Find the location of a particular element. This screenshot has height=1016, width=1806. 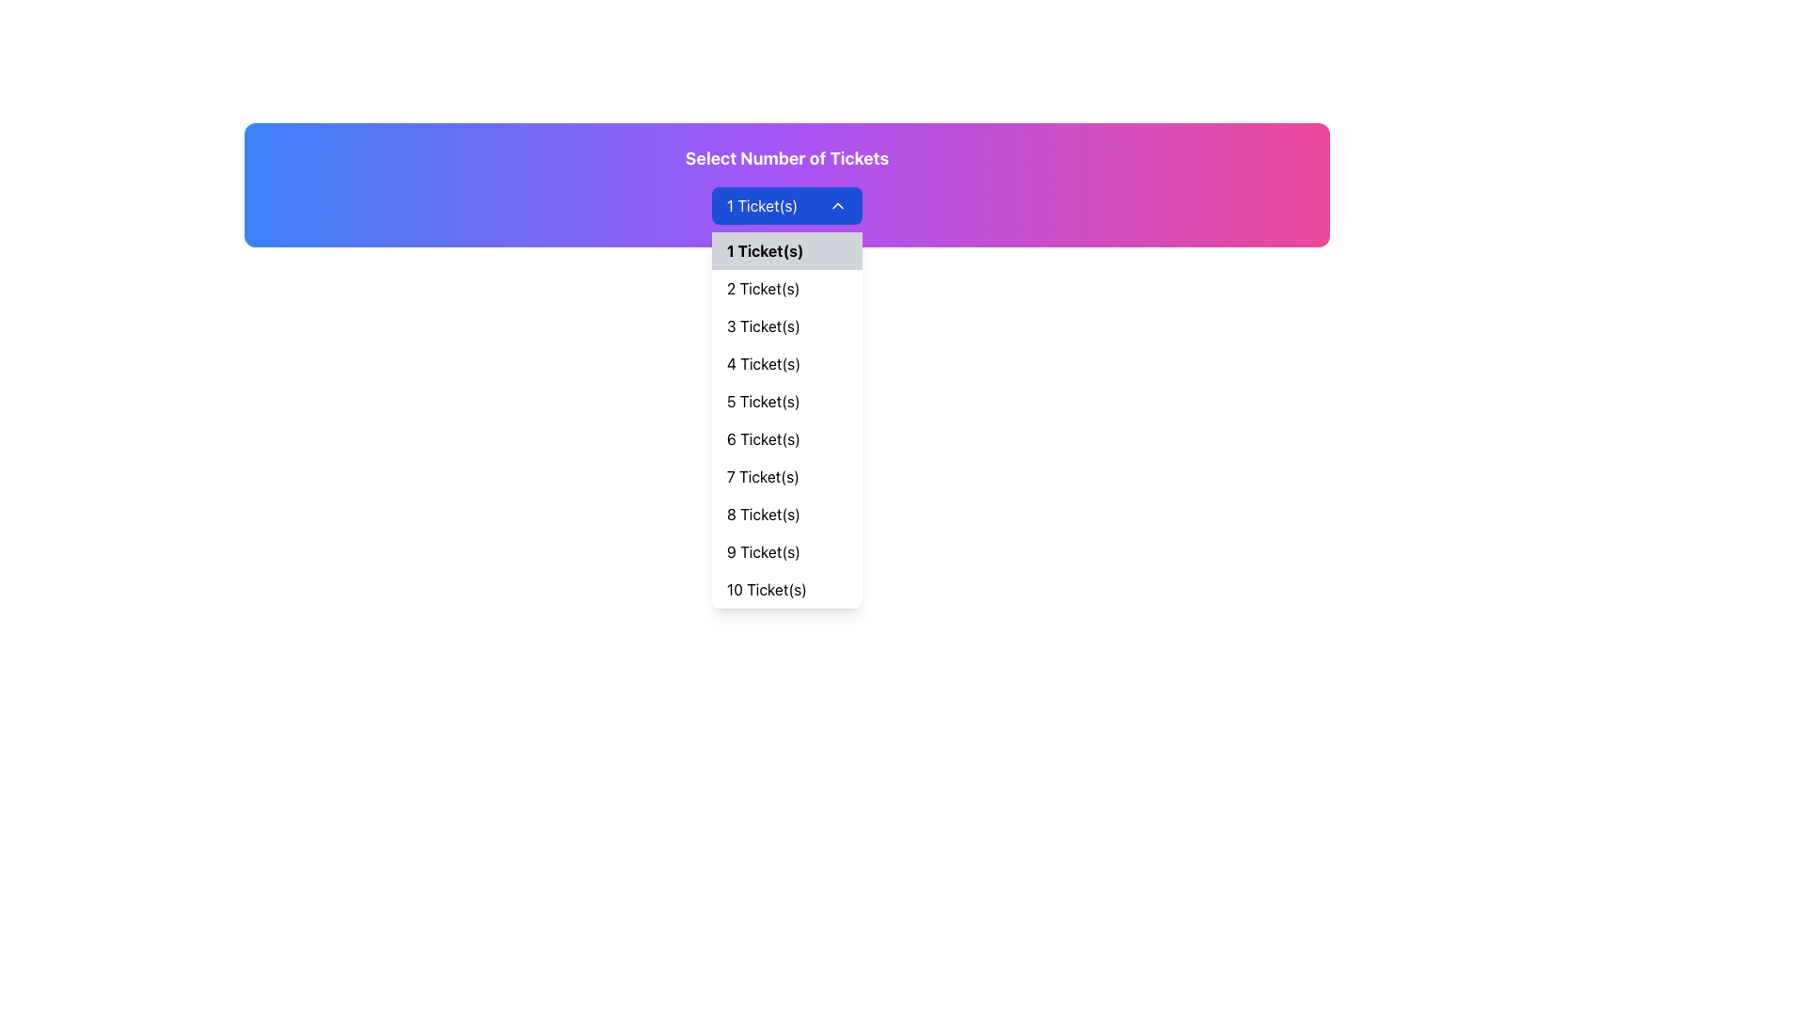

the seventh entry in the ticket selection dropdown menu, which allows users to select '7 Ticket(s)' is located at coordinates (786, 475).